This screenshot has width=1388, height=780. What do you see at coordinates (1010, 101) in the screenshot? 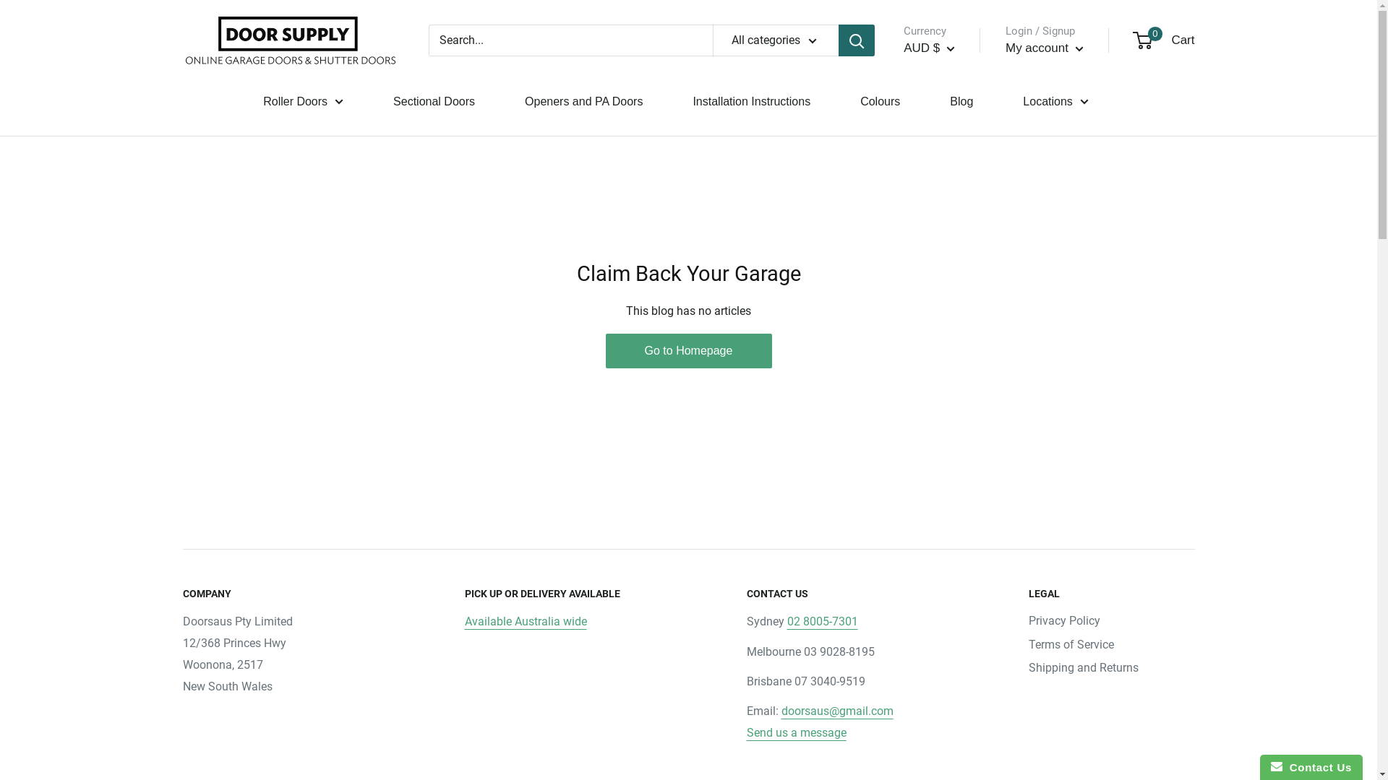
I see `'Locations'` at bounding box center [1010, 101].